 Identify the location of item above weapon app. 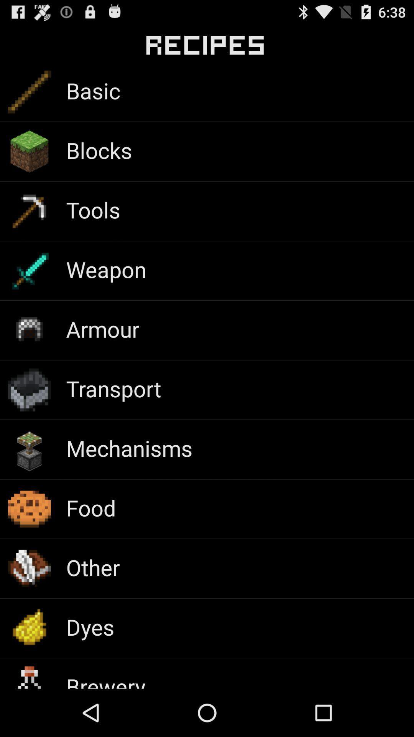
(93, 210).